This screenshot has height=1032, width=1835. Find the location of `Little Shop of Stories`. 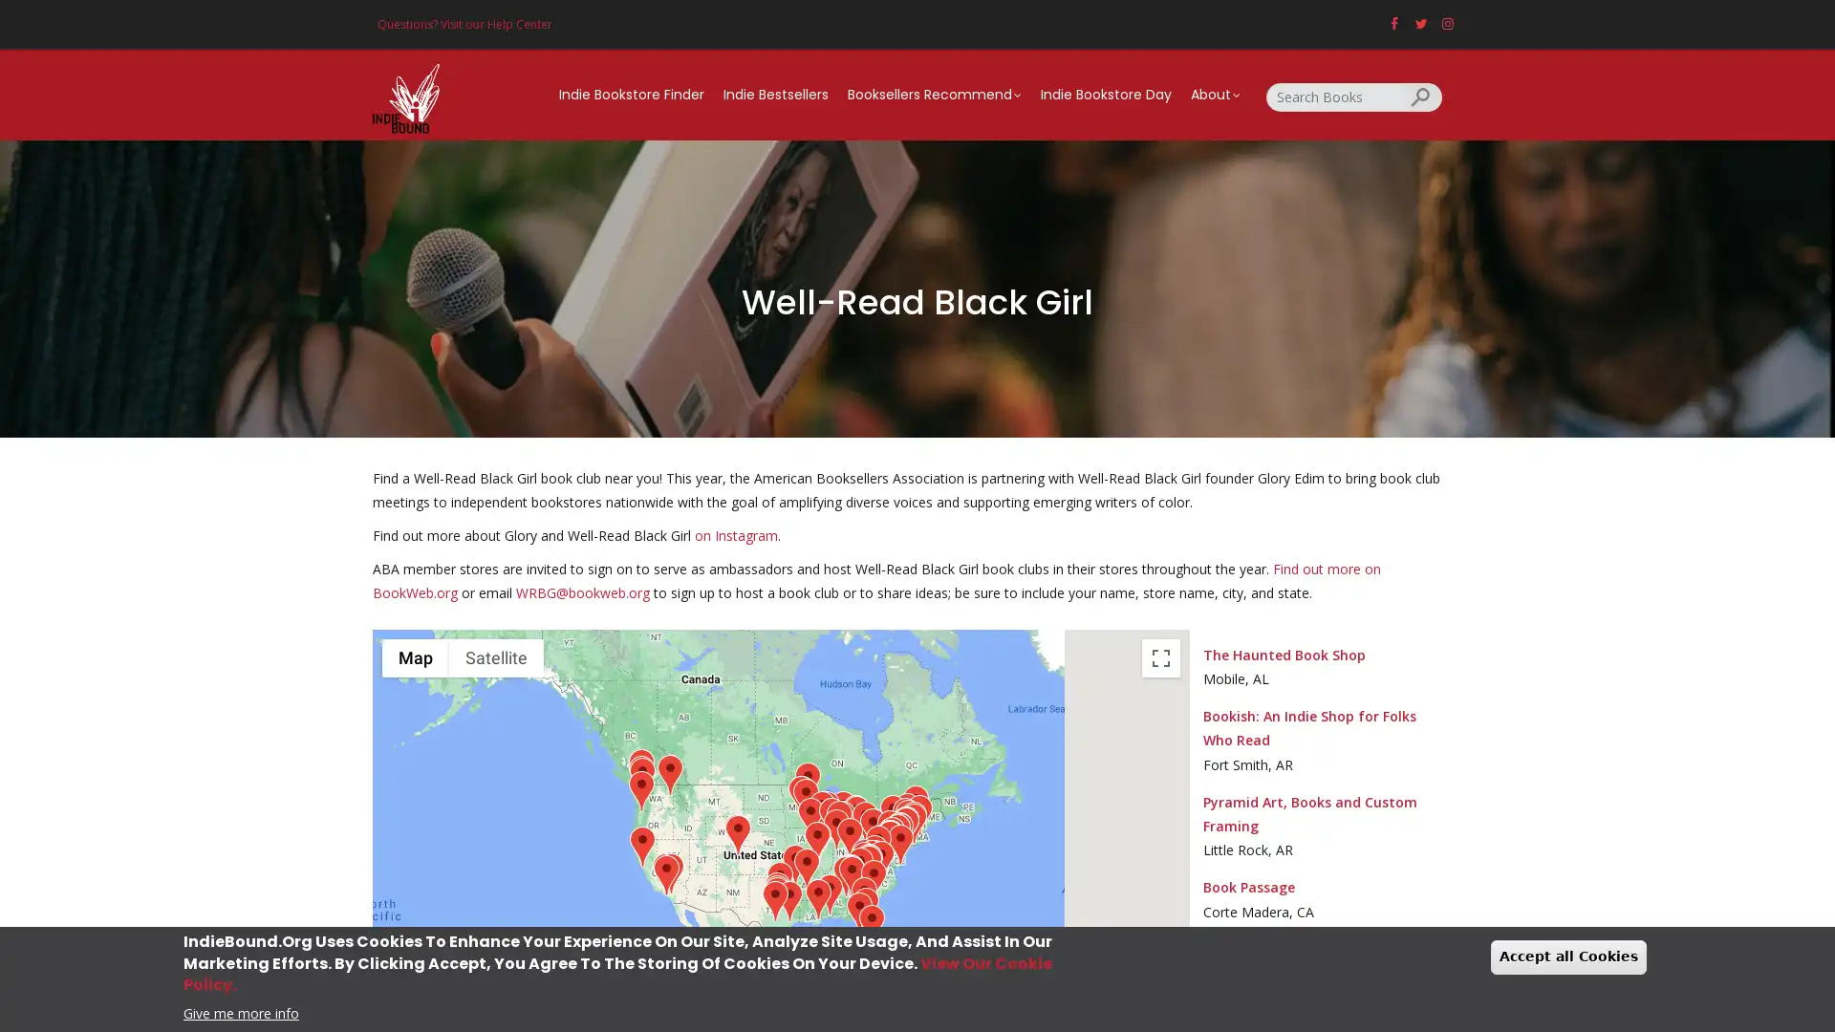

Little Shop of Stories is located at coordinates (848, 874).